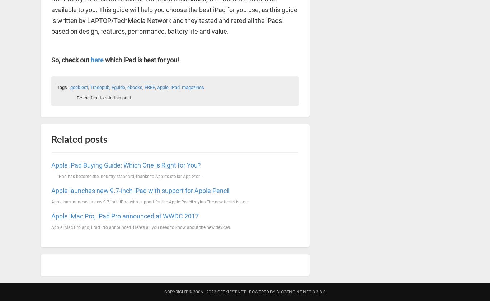  I want to click on 'Apple has launched a new 9.7-inch iPad with support for the Apple Pencil stylus.The new tablet is po...', so click(149, 201).